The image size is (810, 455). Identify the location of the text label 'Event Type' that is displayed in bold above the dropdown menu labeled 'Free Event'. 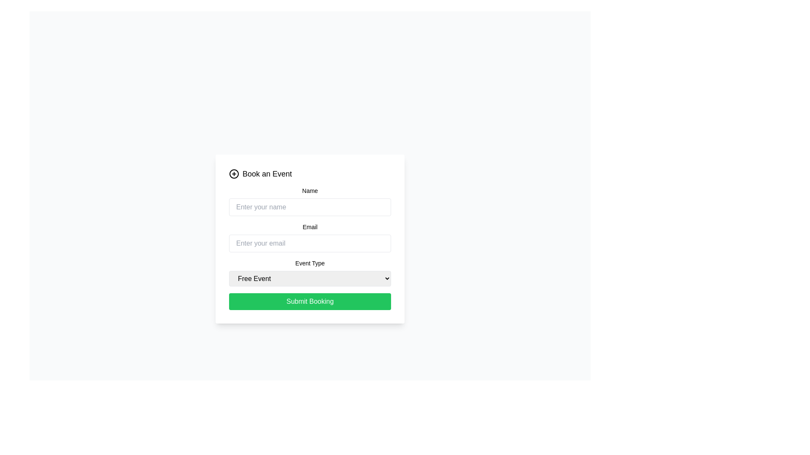
(309, 262).